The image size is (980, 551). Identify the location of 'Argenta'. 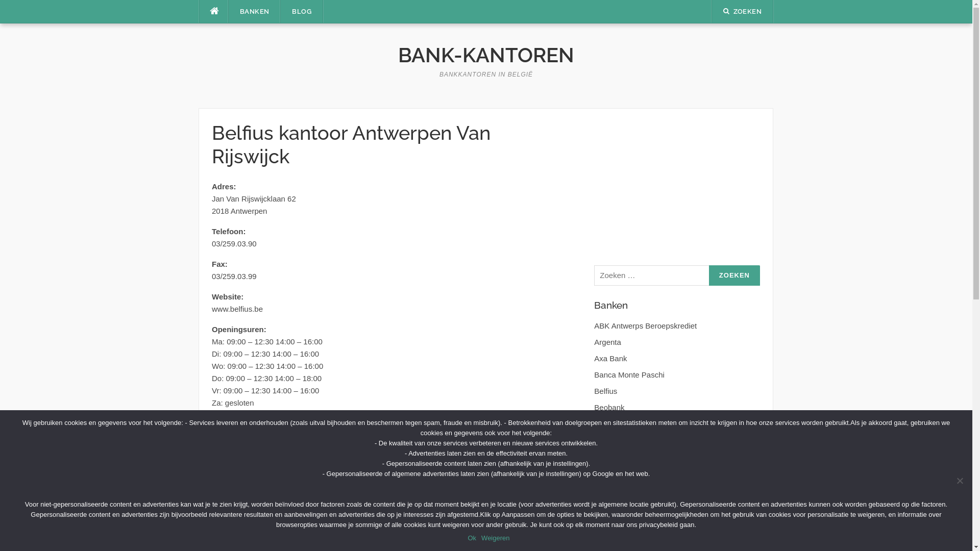
(607, 342).